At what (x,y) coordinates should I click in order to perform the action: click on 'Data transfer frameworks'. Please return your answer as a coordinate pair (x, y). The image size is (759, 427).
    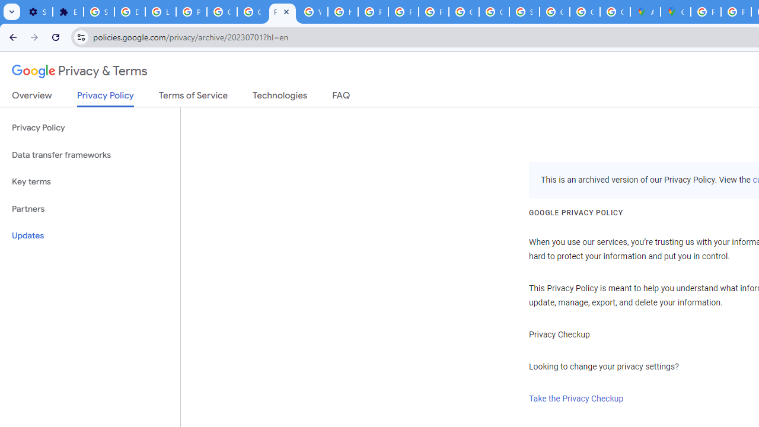
    Looking at the image, I should click on (90, 154).